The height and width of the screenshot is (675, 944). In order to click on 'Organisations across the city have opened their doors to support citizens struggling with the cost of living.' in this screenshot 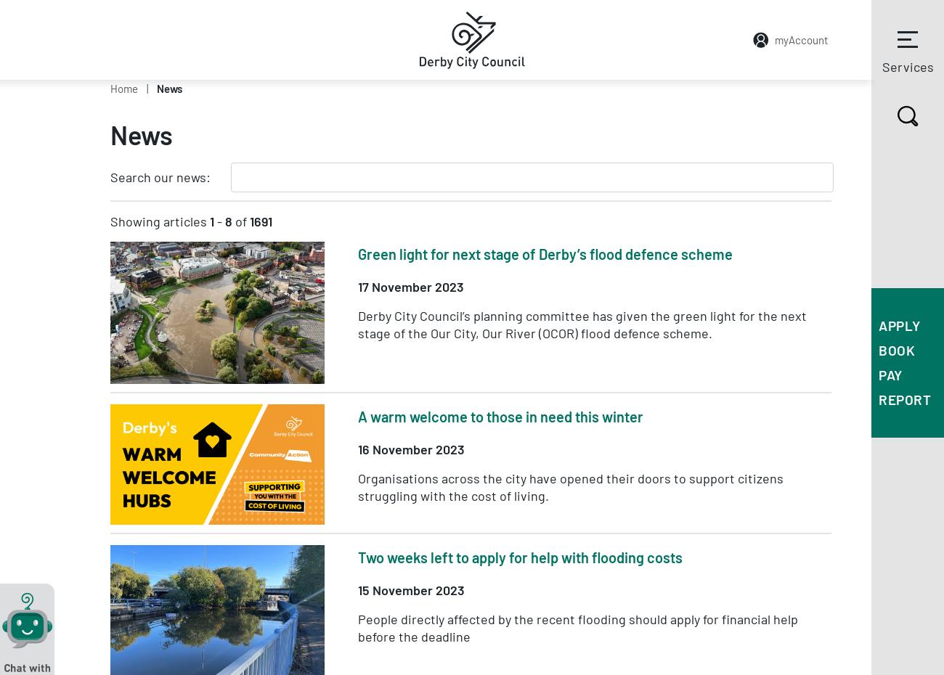, I will do `click(569, 485)`.